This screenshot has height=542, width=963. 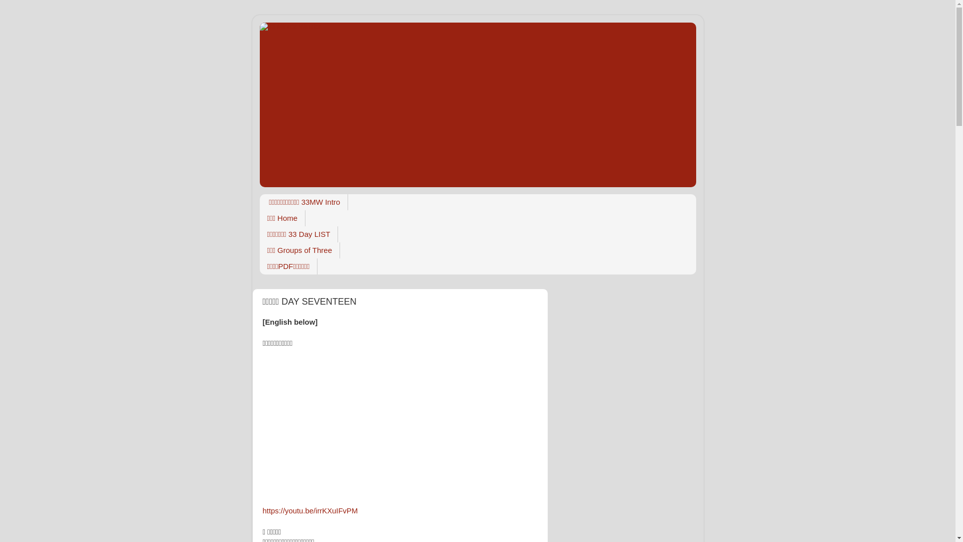 What do you see at coordinates (310, 511) in the screenshot?
I see `'https://youtu.be/irrKXuIFvPM'` at bounding box center [310, 511].